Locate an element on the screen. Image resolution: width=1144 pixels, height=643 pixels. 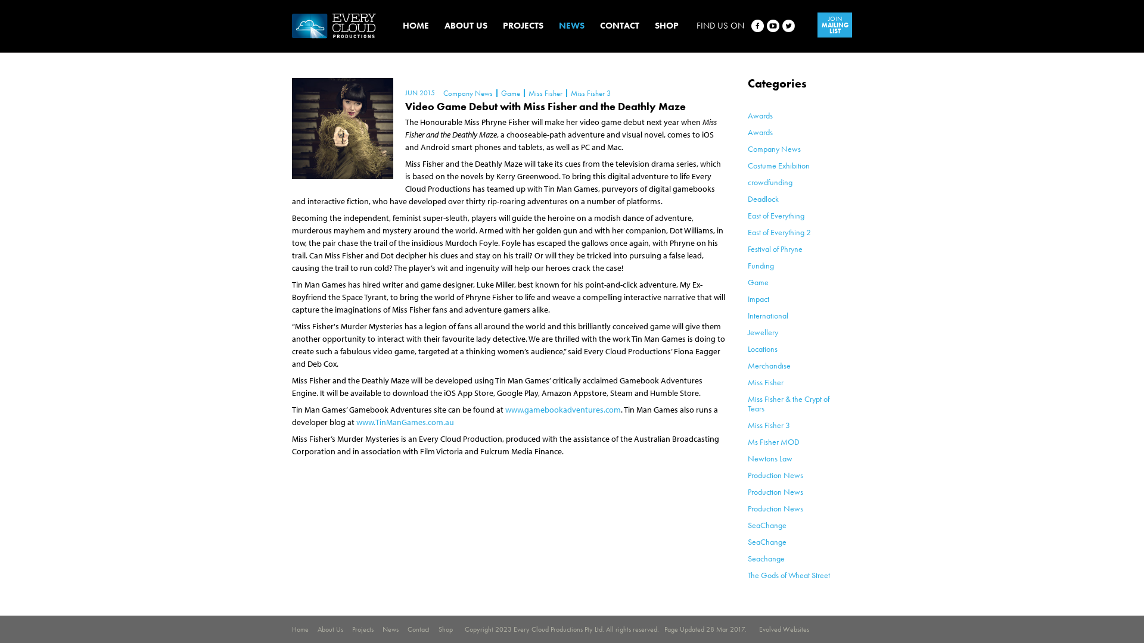
'News' is located at coordinates (390, 628).